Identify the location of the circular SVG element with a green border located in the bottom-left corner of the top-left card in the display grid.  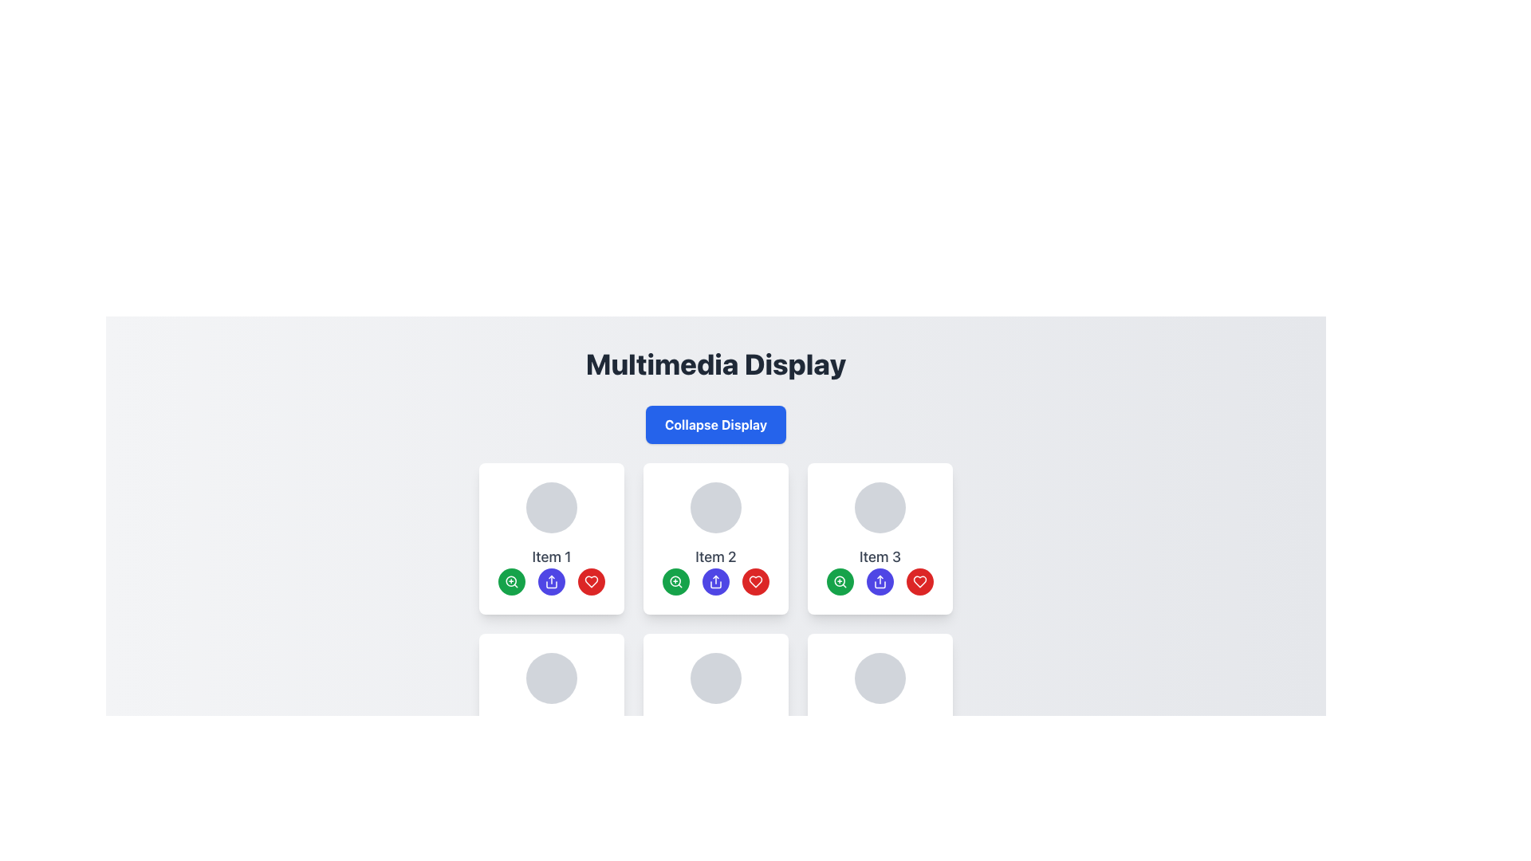
(511, 581).